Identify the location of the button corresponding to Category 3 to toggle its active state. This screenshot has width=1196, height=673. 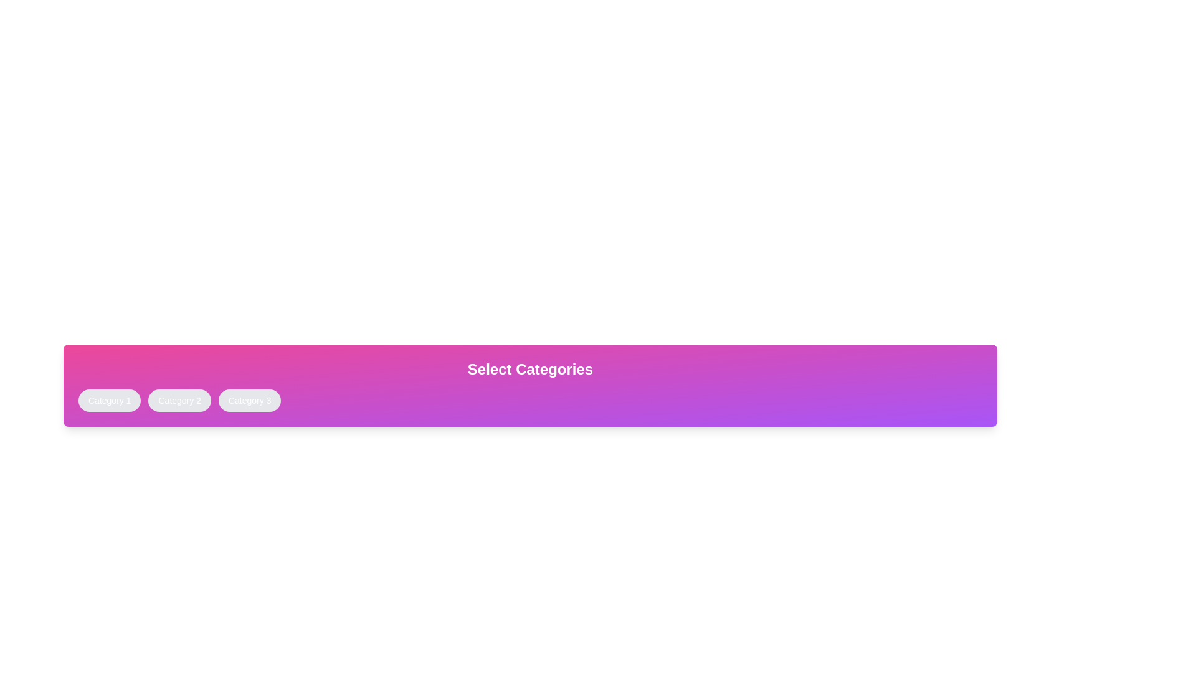
(249, 401).